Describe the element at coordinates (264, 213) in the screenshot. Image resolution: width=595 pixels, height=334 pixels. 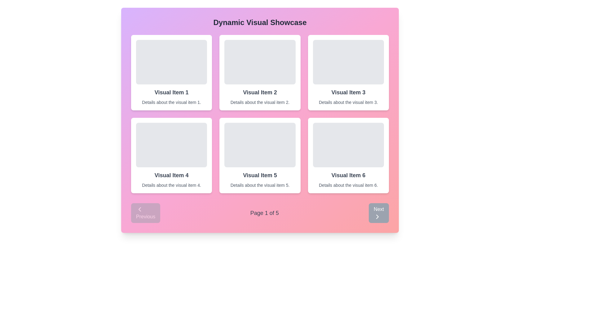
I see `the Static Text Label displaying 'Page 1 of 5', which is centrally positioned at the bottom of the main content area` at that location.